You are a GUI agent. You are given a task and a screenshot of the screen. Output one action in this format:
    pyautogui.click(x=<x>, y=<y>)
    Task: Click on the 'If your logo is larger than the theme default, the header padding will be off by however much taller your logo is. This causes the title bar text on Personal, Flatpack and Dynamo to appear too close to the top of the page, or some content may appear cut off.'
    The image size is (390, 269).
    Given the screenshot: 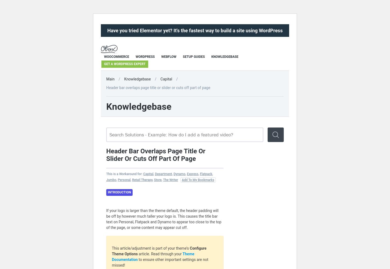 What is the action you would take?
    pyautogui.click(x=164, y=219)
    